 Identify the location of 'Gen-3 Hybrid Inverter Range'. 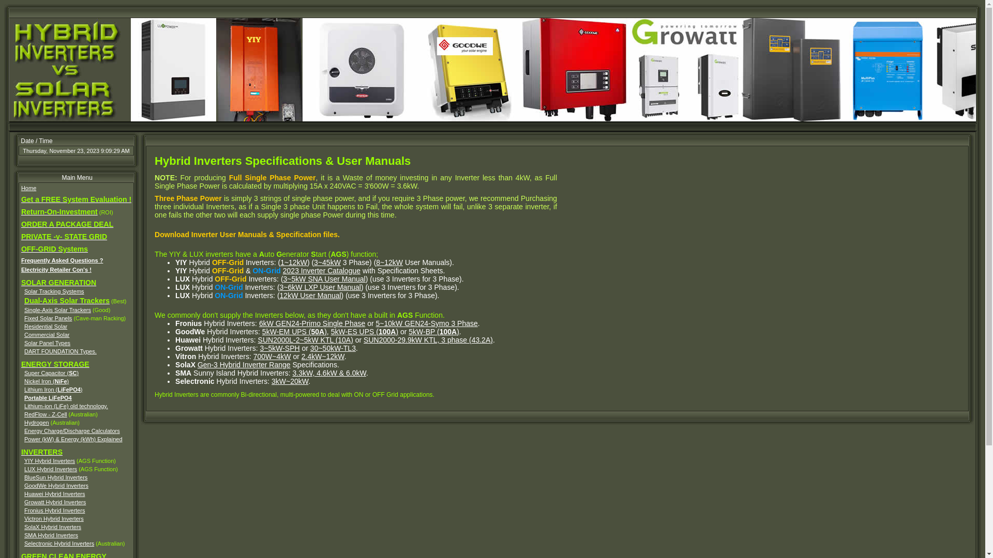
(243, 364).